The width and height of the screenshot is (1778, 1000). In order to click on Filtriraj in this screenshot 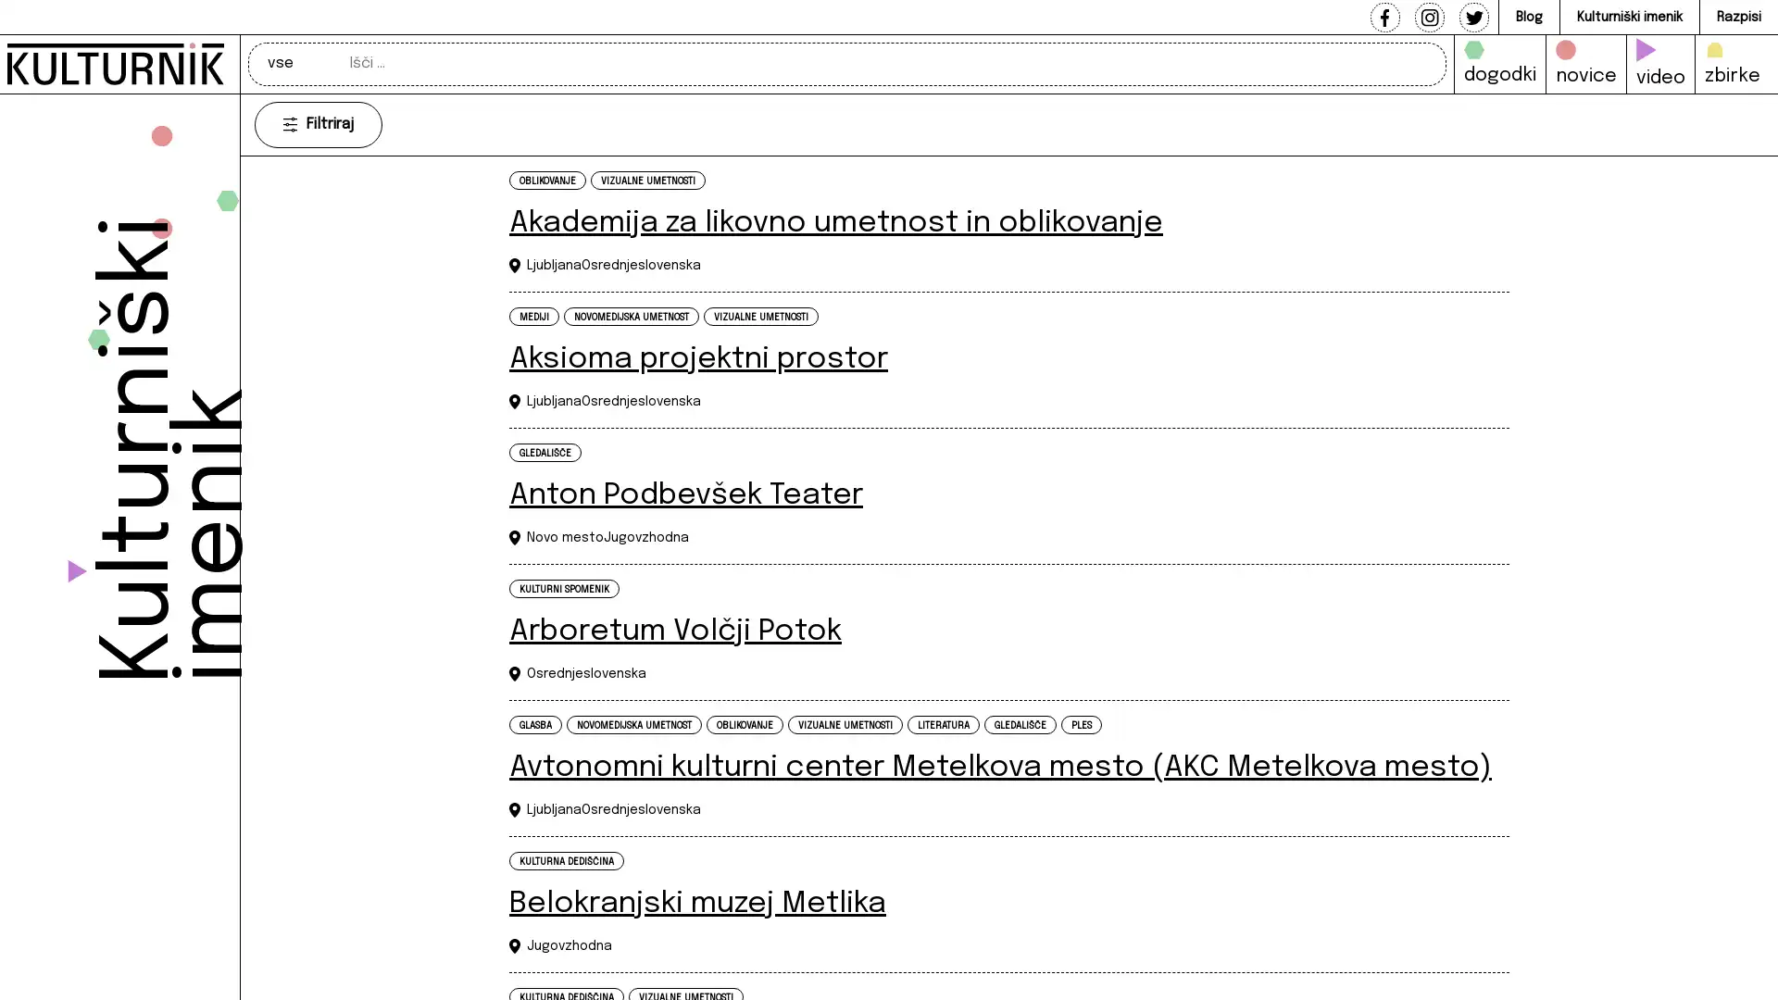, I will do `click(319, 124)`.